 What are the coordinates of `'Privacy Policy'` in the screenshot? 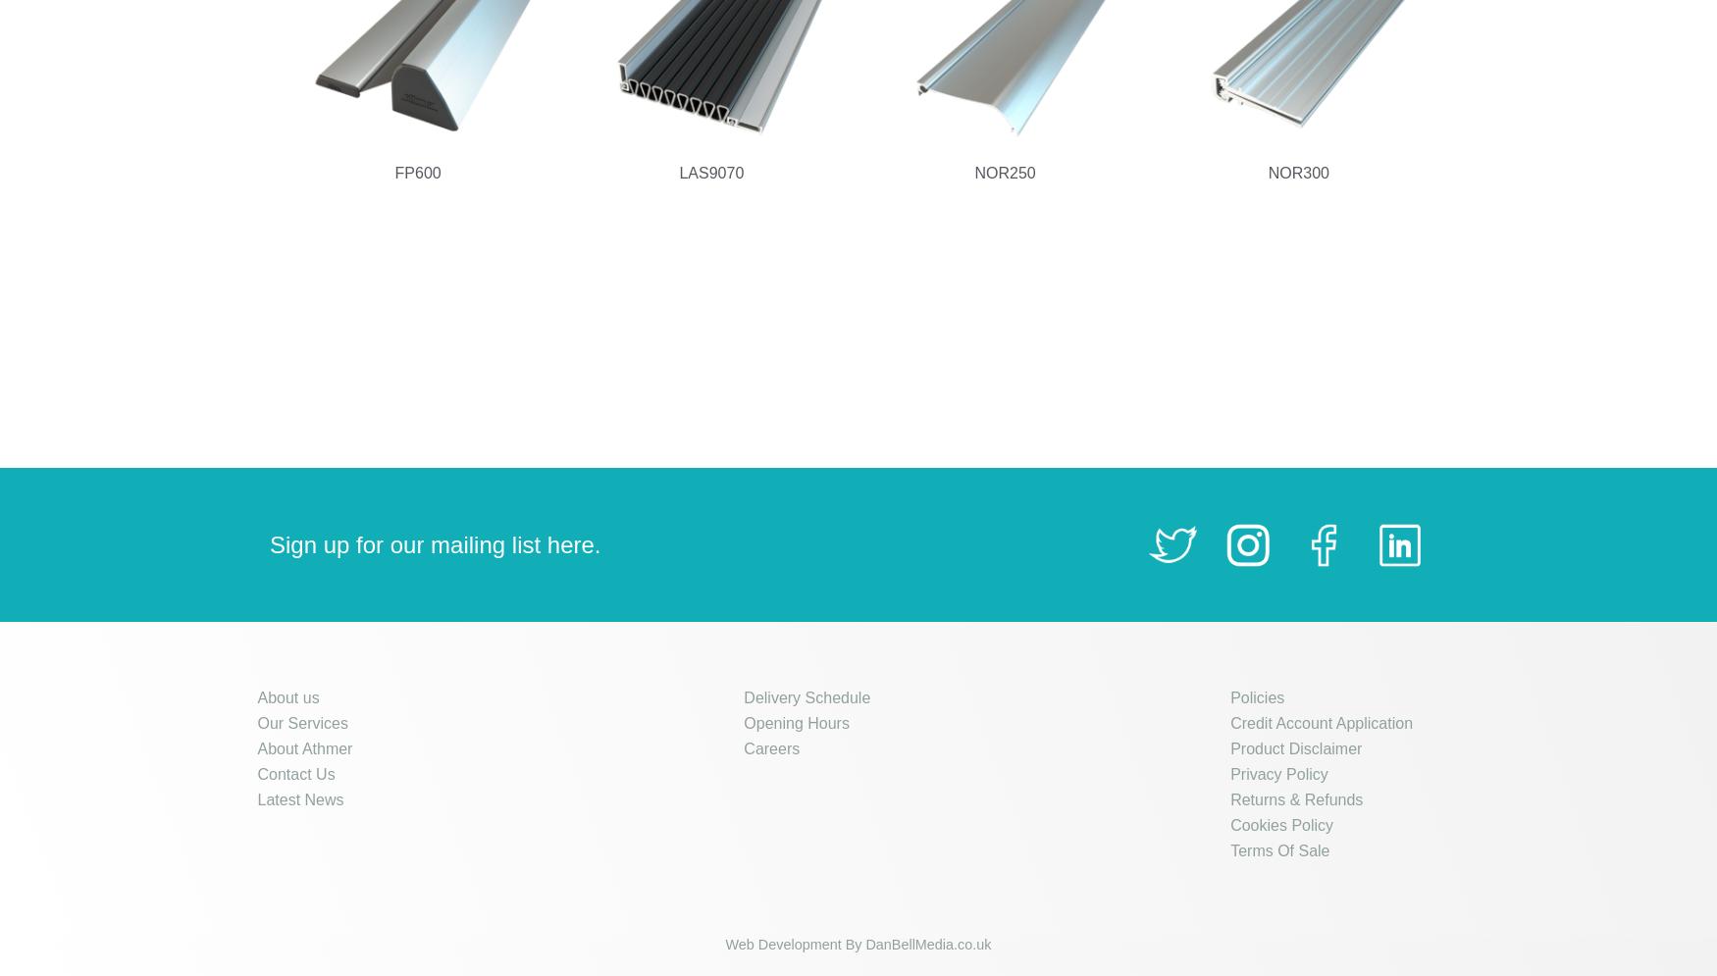 It's located at (1277, 774).